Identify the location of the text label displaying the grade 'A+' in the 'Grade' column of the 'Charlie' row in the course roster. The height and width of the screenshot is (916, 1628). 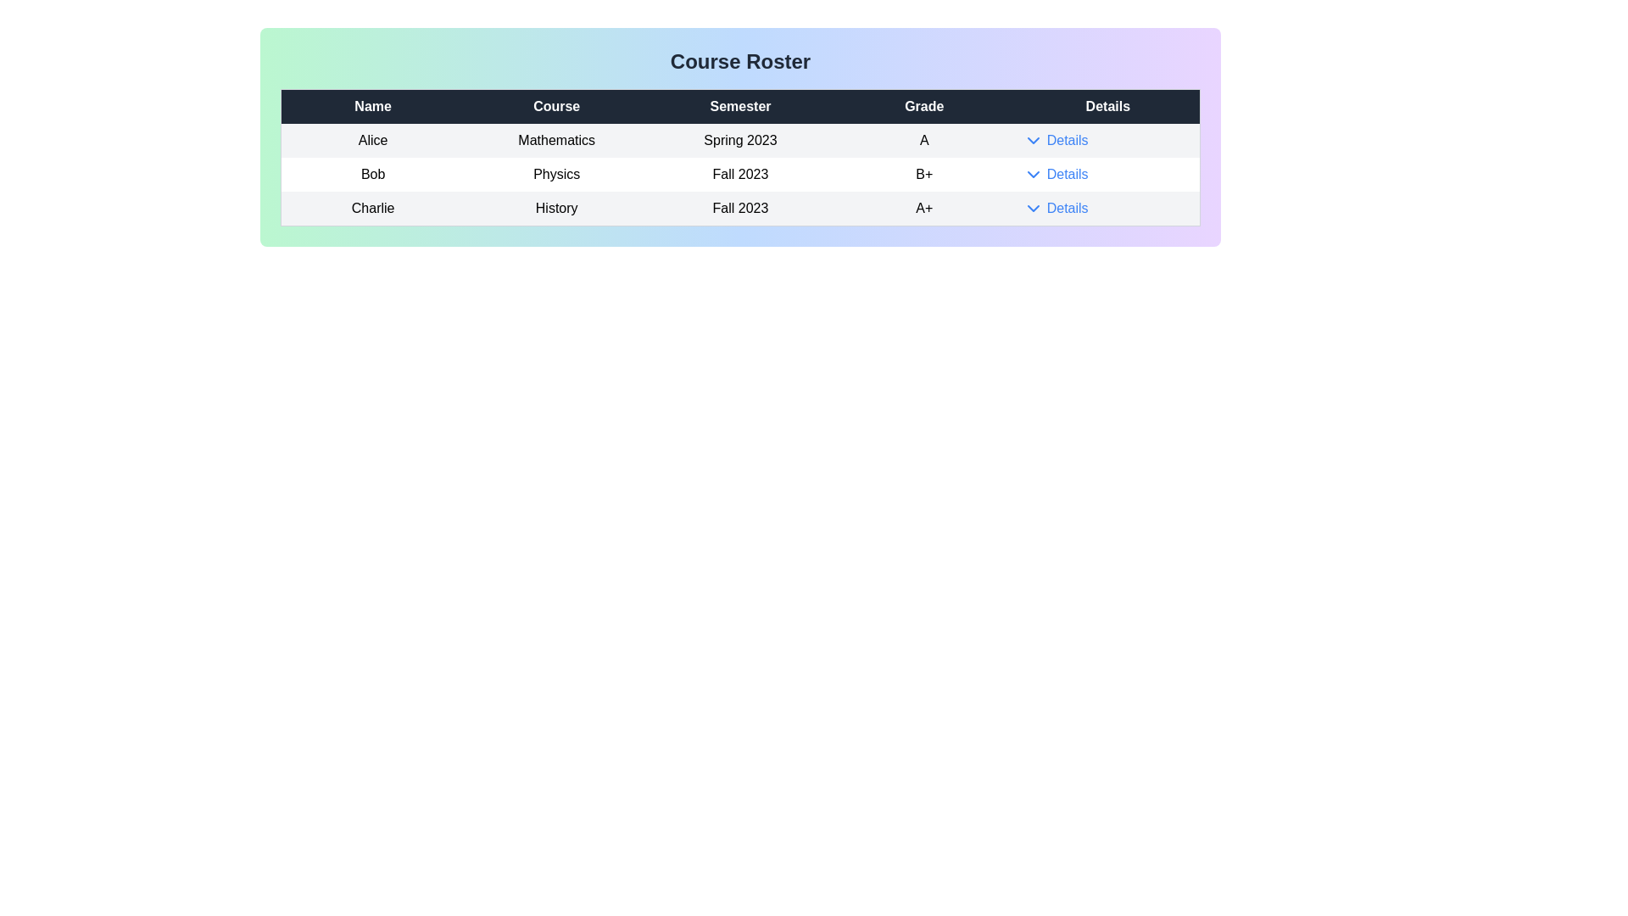
(923, 208).